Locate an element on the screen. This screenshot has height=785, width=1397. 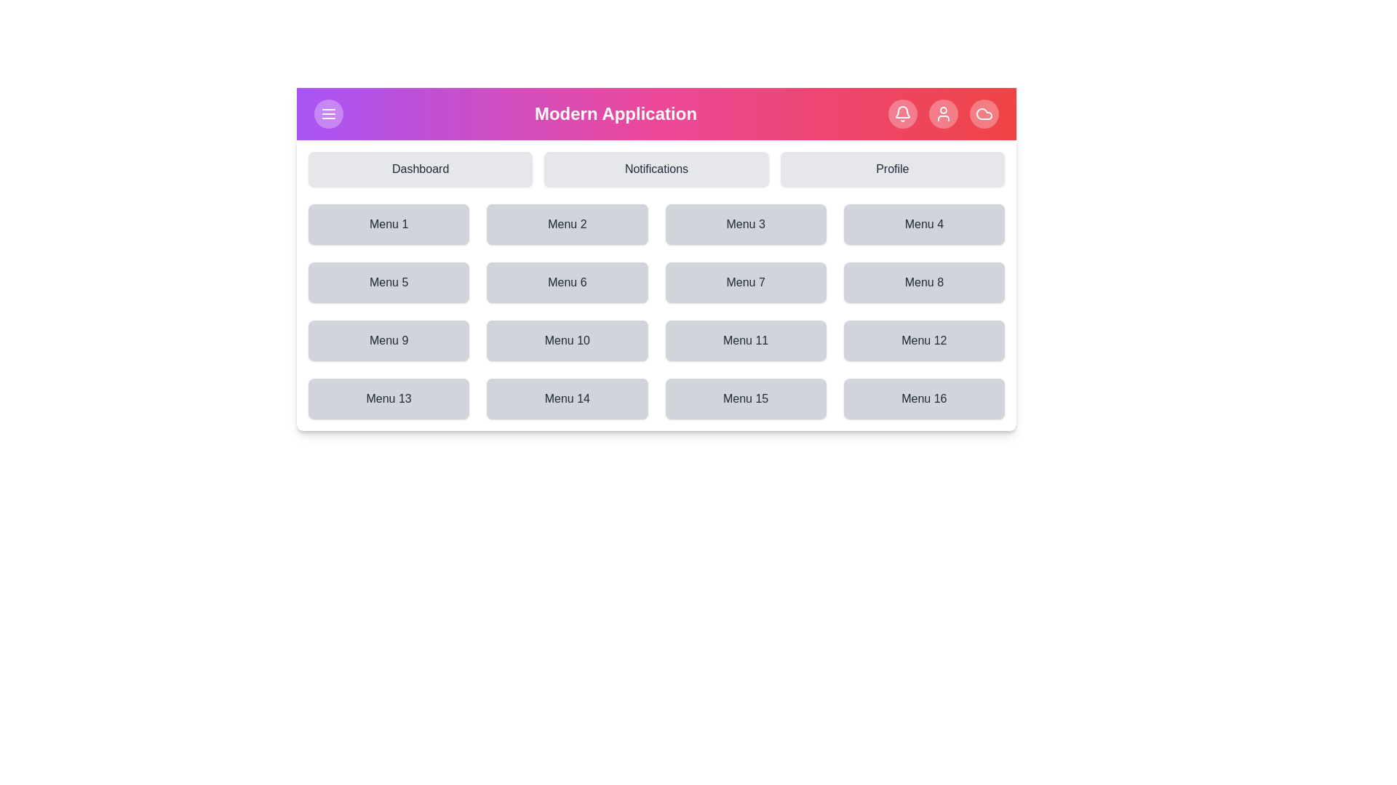
the Dashboard tab in the navigation bar is located at coordinates (420, 168).